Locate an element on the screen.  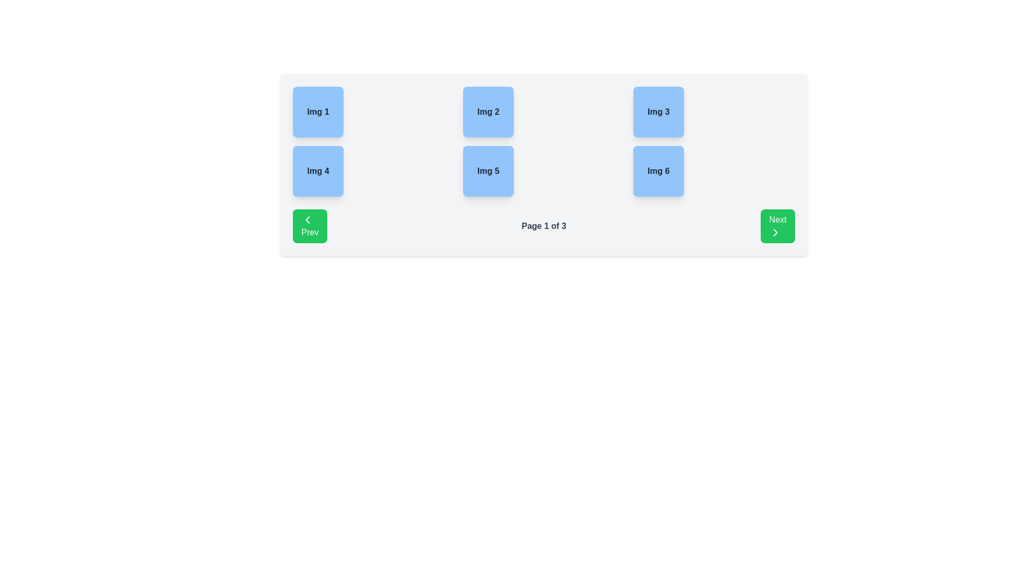
the blue square tile with rounded corners labeled 'Img 1' is located at coordinates (317, 112).